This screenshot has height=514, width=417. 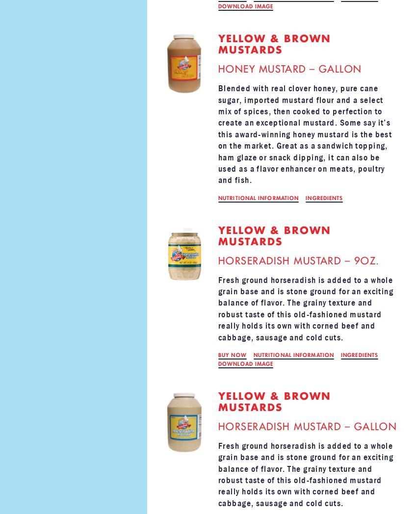 I want to click on 'HORSERADISH MUSTARD – 9OZ.', so click(x=298, y=260).